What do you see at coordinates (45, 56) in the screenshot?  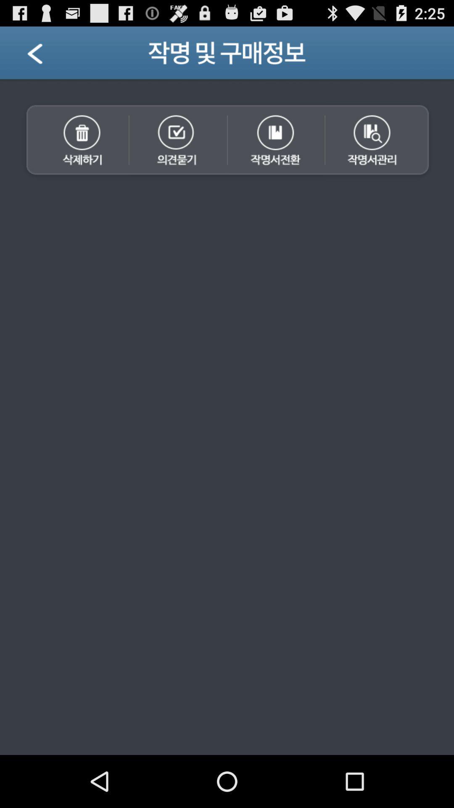 I see `come back` at bounding box center [45, 56].